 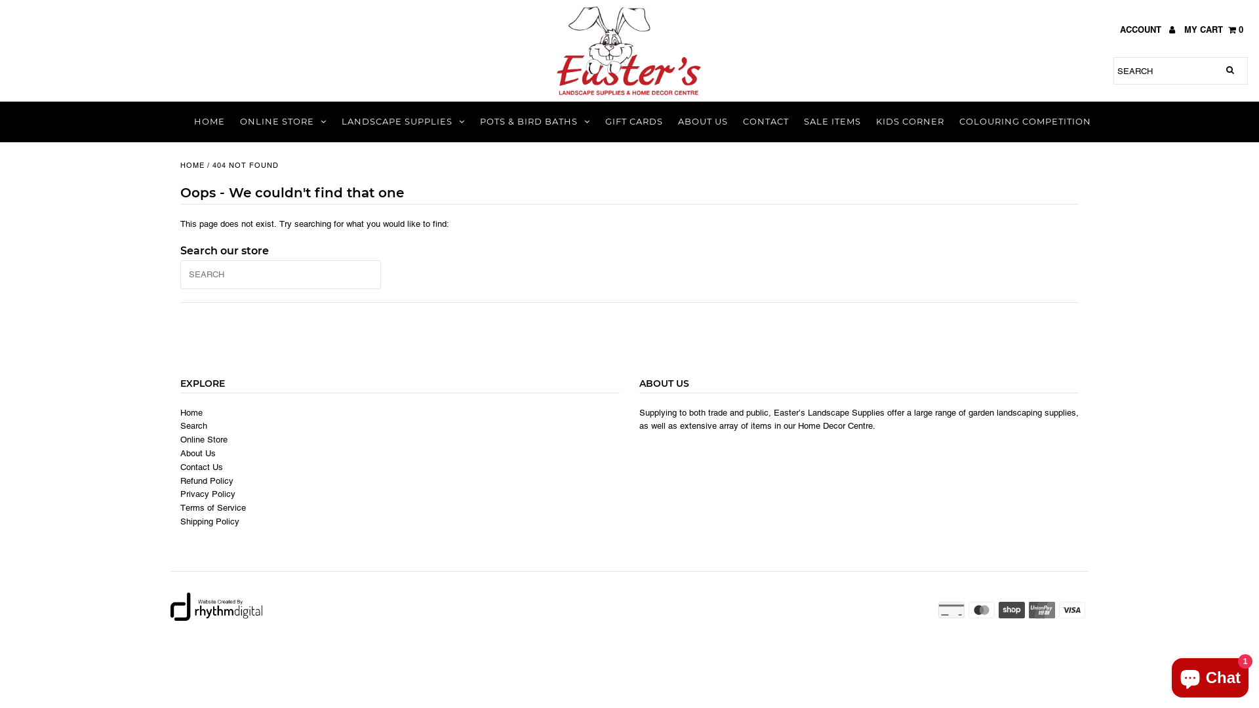 What do you see at coordinates (179, 440) in the screenshot?
I see `'Online Store'` at bounding box center [179, 440].